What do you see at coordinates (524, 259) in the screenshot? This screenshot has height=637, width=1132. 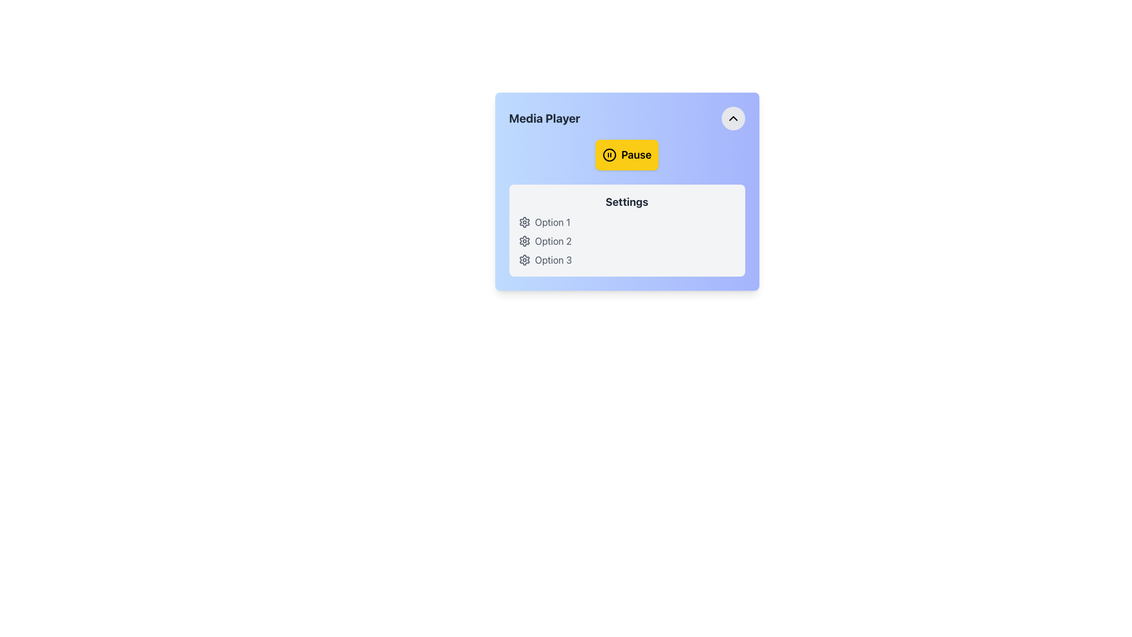 I see `the gear-like icon, which signifies the 'settings' feature, located to the left of 'Option 3' in the 'Settings' panel` at bounding box center [524, 259].